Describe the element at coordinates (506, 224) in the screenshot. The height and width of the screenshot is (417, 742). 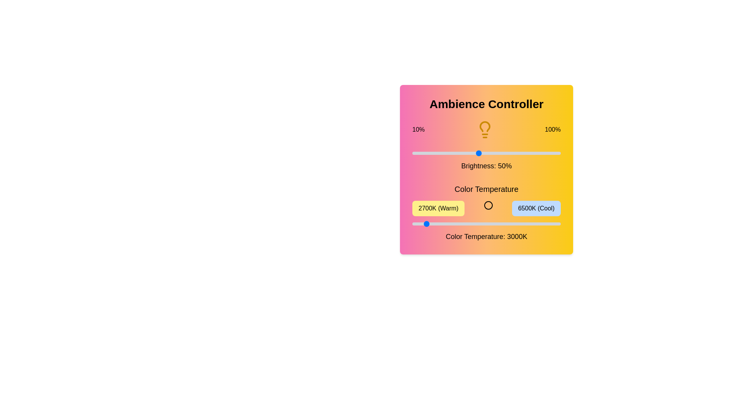
I see `the color temperature slider to 5104 K` at that location.